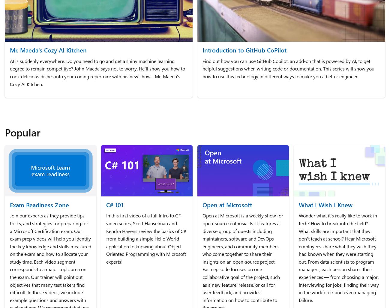 This screenshot has width=390, height=308. I want to click on 'AI is suddenly everywhere. Do you need to go and get a shiny machine learning degree to remain competitive? John Maeda says not to worry. He’ll show you how to cook delicious dishes into your coding repertoire with his new show - Mr. Maeda’s Cozy AI Kitchen.', so click(97, 72).